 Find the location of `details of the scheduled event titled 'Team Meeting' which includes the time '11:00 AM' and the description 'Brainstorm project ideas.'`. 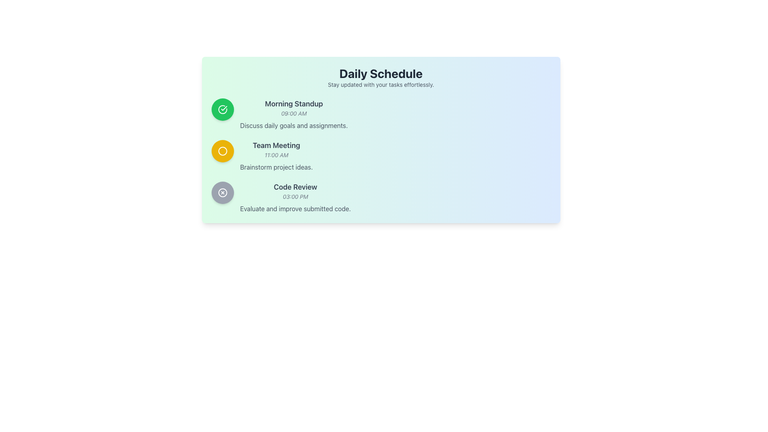

details of the scheduled event titled 'Team Meeting' which includes the time '11:00 AM' and the description 'Brainstorm project ideas.' is located at coordinates (276, 156).